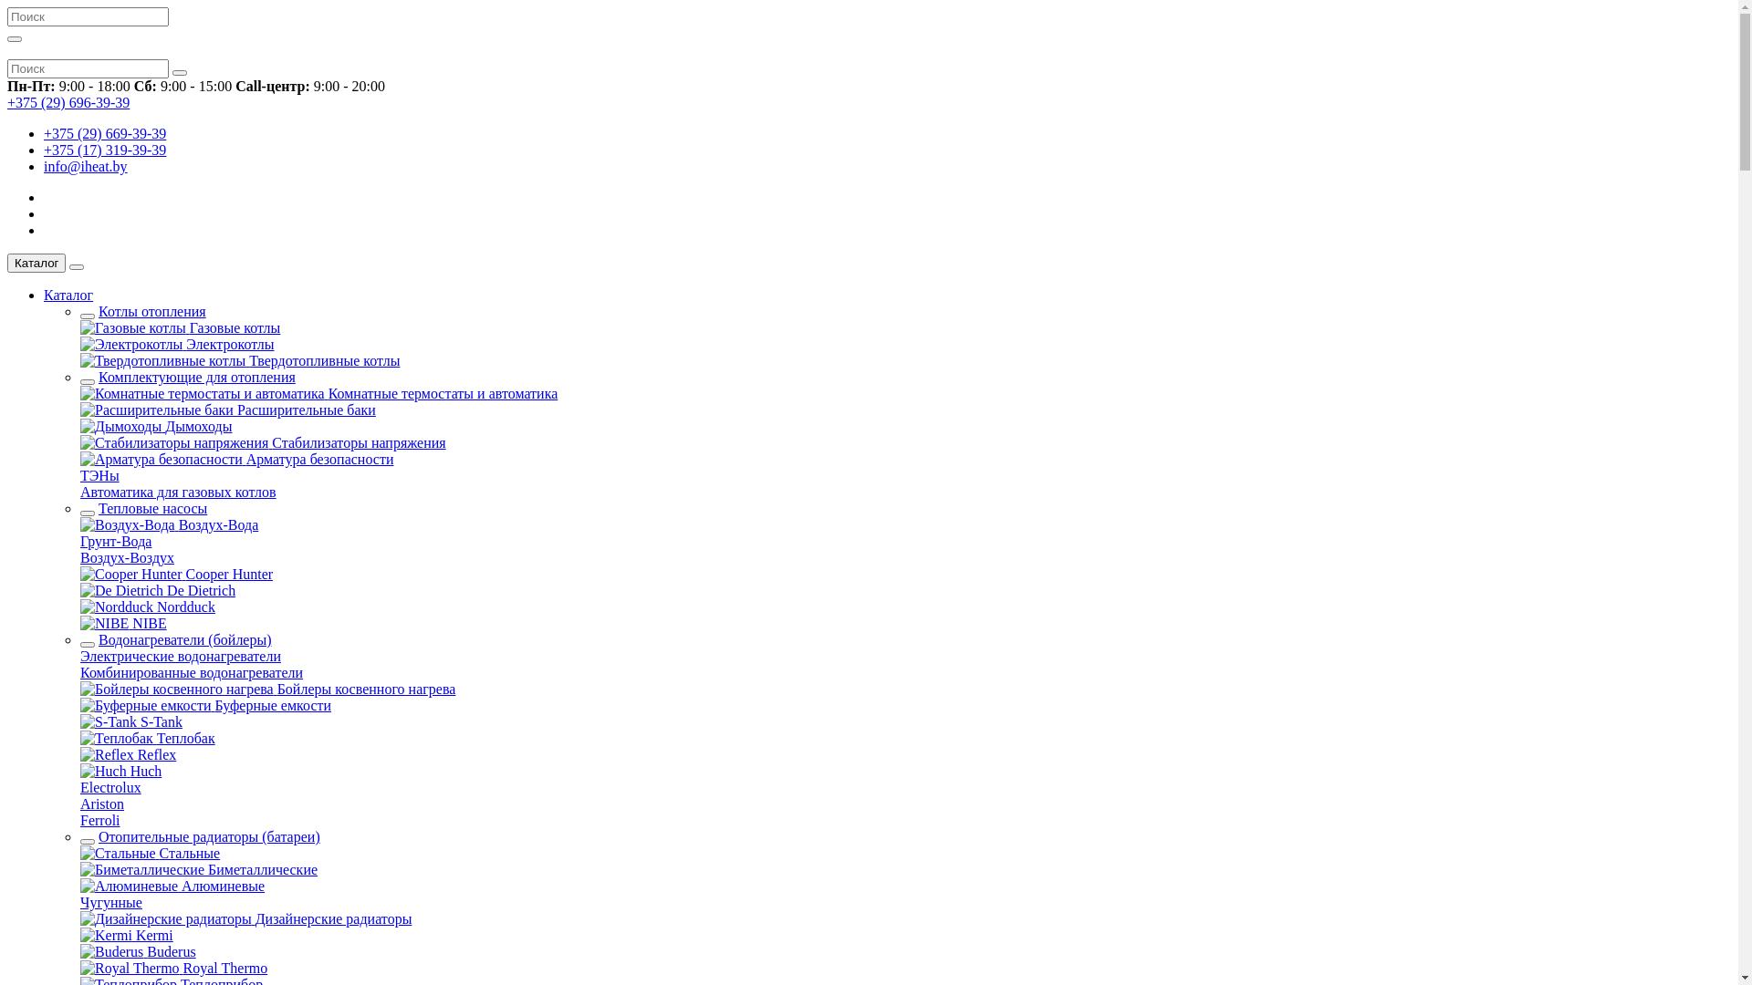 Image resolution: width=1752 pixels, height=985 pixels. Describe the element at coordinates (173, 967) in the screenshot. I see `'Royal Thermo'` at that location.